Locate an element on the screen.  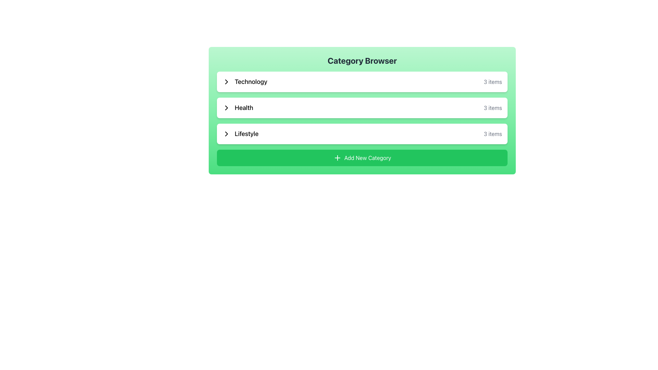
the 'Health' category list item in the 'Category Browser' is located at coordinates (362, 108).